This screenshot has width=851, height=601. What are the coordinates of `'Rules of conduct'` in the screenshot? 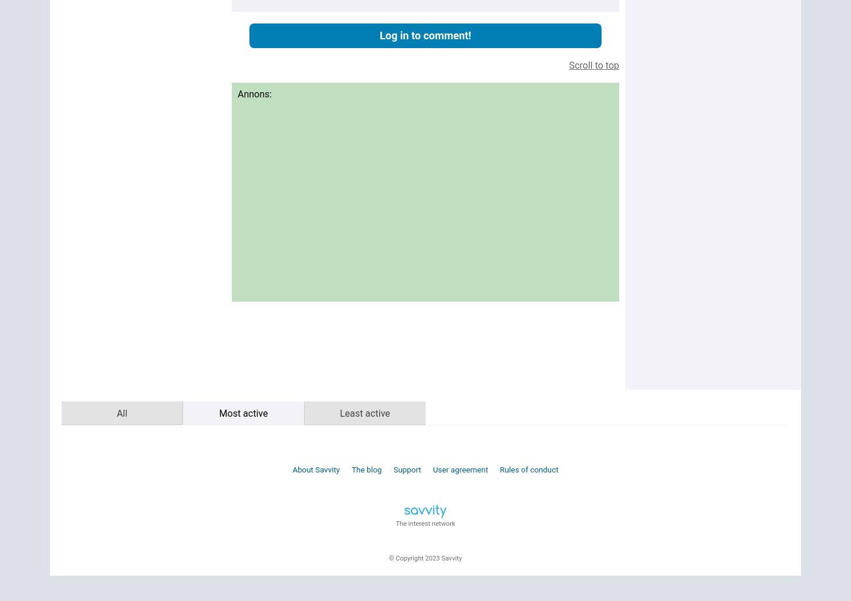 It's located at (528, 469).